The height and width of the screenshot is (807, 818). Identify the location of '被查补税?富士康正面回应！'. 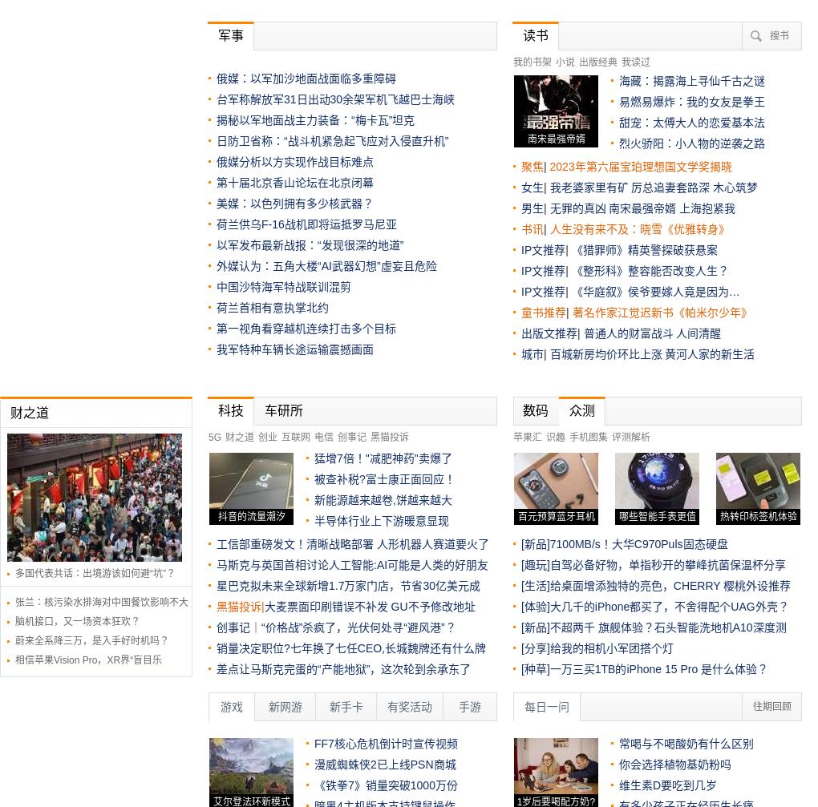
(384, 478).